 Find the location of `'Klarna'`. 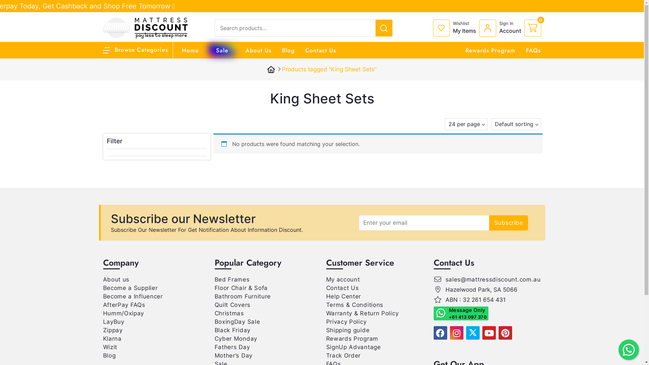

'Klarna' is located at coordinates (112, 339).